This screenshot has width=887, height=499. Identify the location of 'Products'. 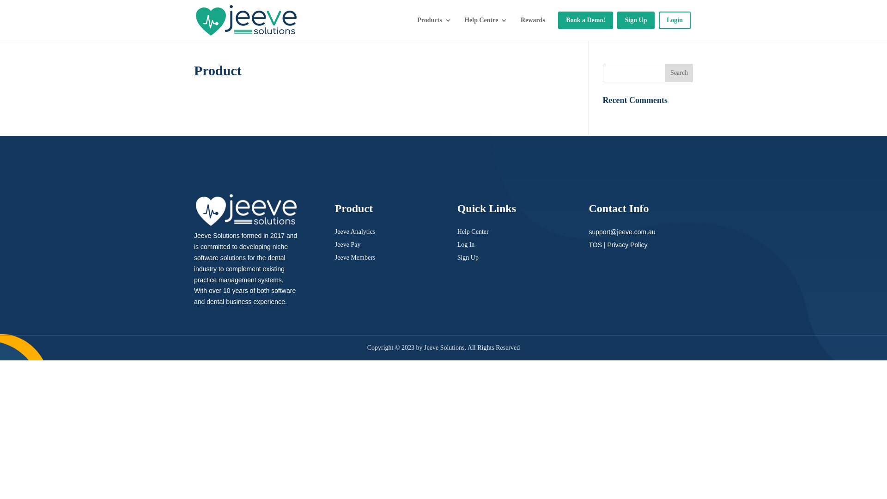
(430, 20).